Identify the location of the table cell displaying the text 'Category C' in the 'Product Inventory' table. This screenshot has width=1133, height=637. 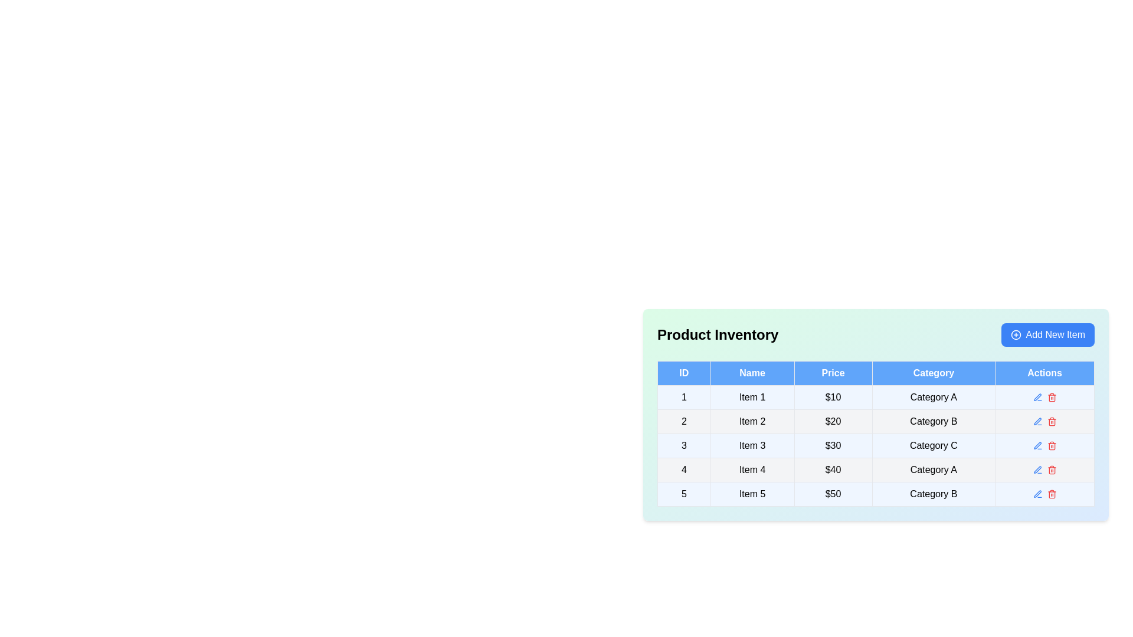
(933, 446).